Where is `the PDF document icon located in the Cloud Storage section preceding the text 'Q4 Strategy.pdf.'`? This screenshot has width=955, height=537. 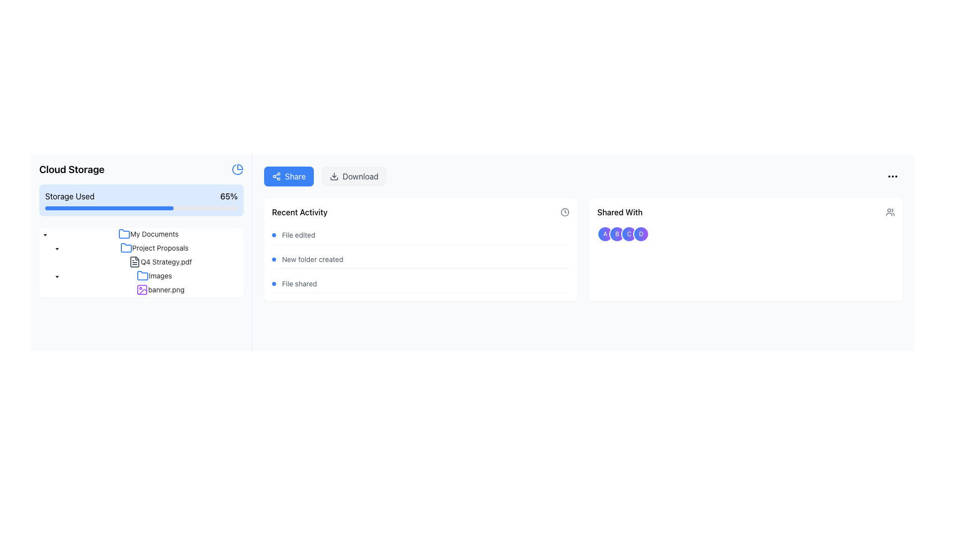
the PDF document icon located in the Cloud Storage section preceding the text 'Q4 Strategy.pdf.' is located at coordinates (134, 262).